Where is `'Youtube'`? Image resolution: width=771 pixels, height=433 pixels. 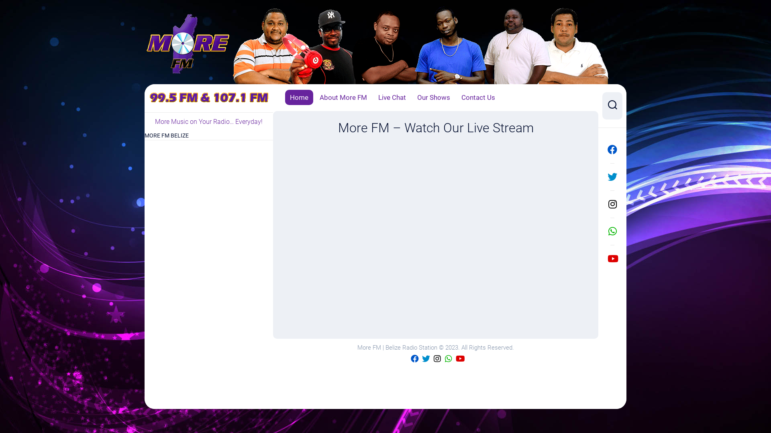 'Youtube' is located at coordinates (460, 358).